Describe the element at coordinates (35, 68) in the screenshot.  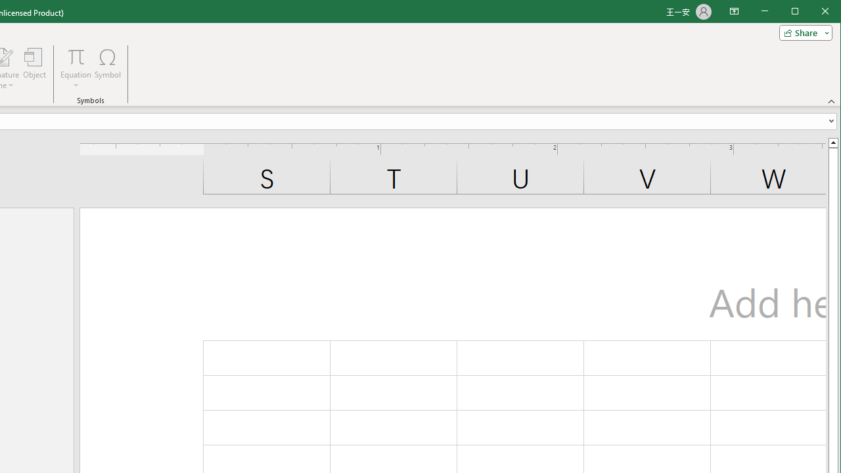
I see `'Object...'` at that location.